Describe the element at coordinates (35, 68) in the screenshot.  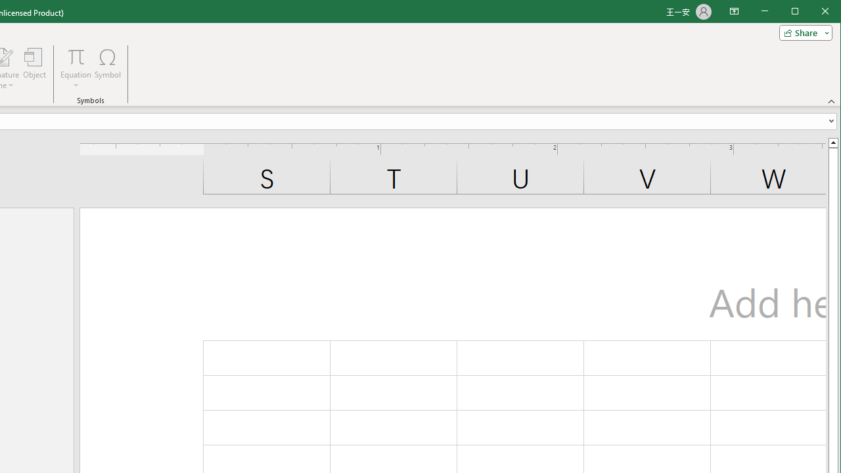
I see `'Object...'` at that location.